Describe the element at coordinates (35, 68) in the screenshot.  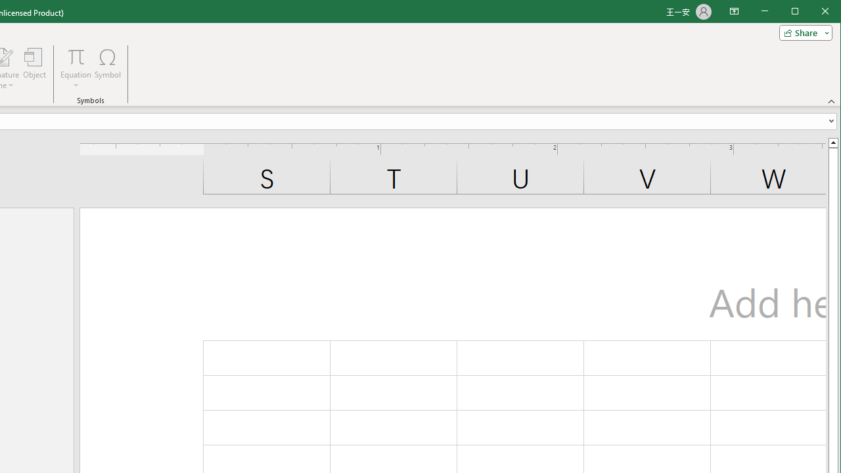
I see `'Object...'` at that location.